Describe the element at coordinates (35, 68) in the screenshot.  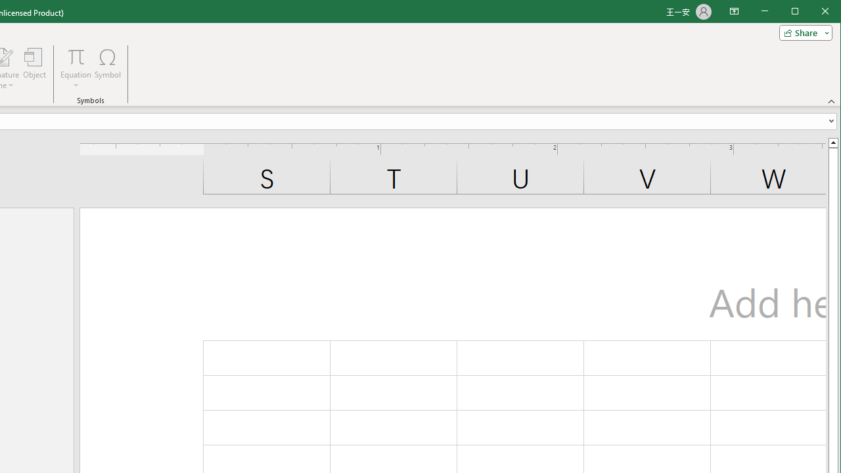
I see `'Object...'` at that location.